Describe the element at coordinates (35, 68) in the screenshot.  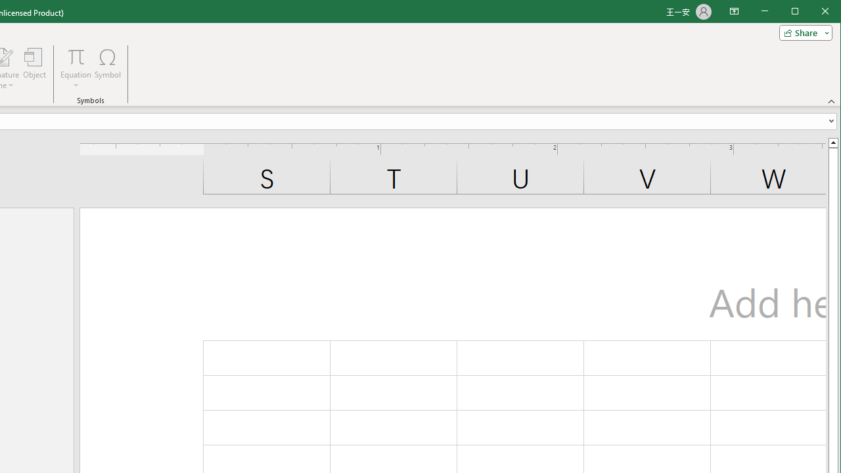
I see `'Object...'` at that location.